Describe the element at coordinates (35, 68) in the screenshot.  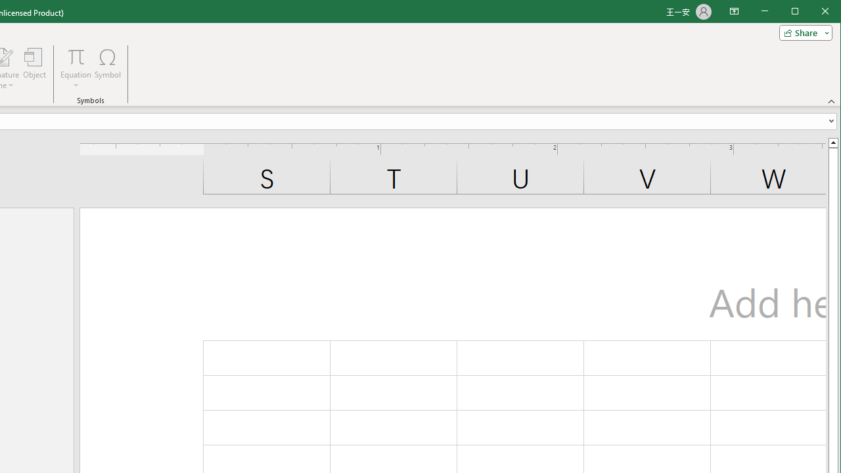
I see `'Object...'` at that location.